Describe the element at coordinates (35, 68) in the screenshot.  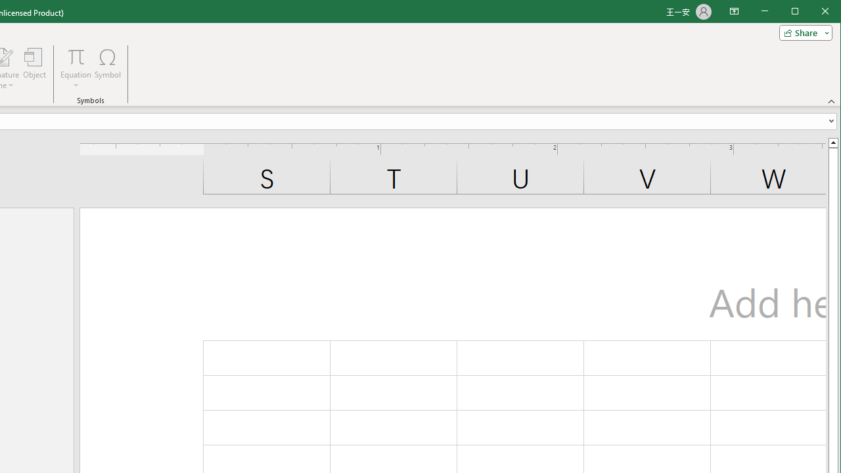
I see `'Object...'` at that location.